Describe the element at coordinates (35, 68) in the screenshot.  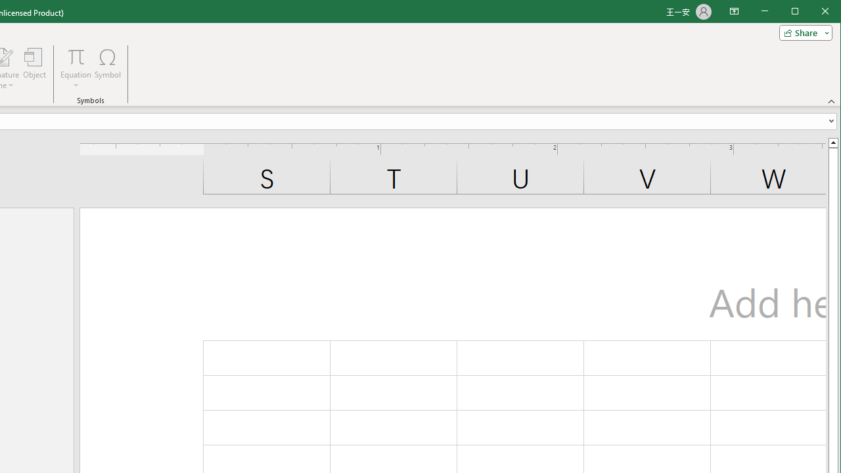
I see `'Object...'` at that location.